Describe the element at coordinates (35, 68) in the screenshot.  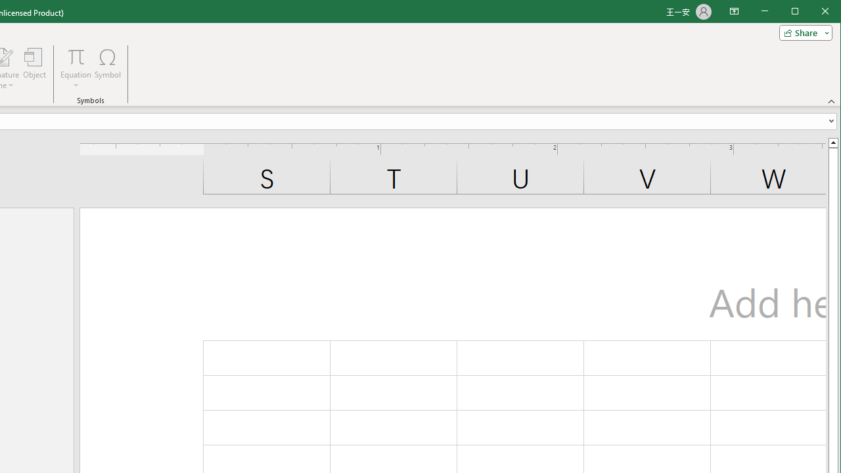
I see `'Object...'` at that location.